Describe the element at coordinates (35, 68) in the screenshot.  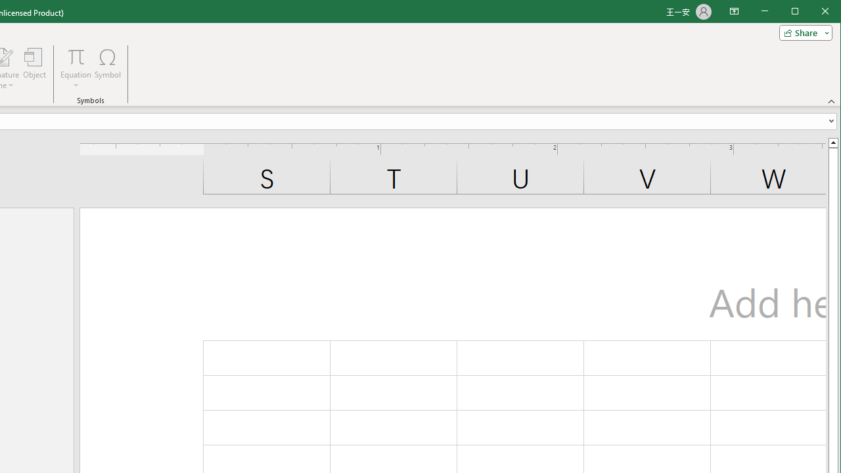
I see `'Object...'` at that location.